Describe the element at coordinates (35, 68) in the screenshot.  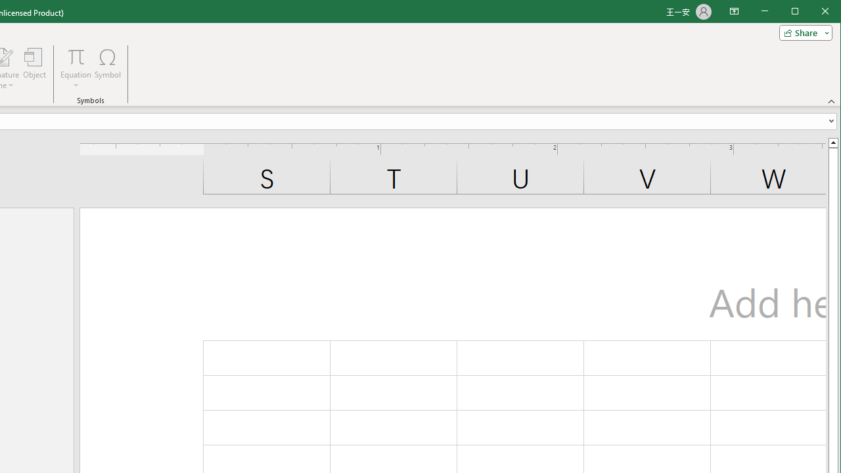
I see `'Object...'` at that location.